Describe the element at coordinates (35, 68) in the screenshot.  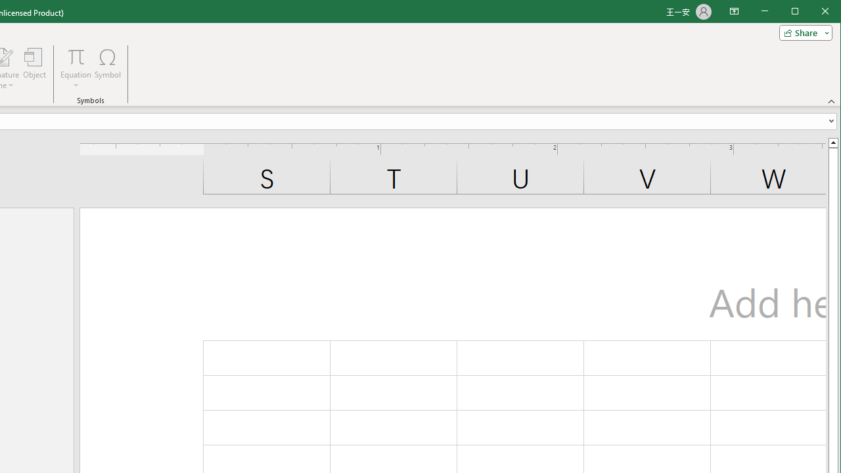
I see `'Object...'` at that location.